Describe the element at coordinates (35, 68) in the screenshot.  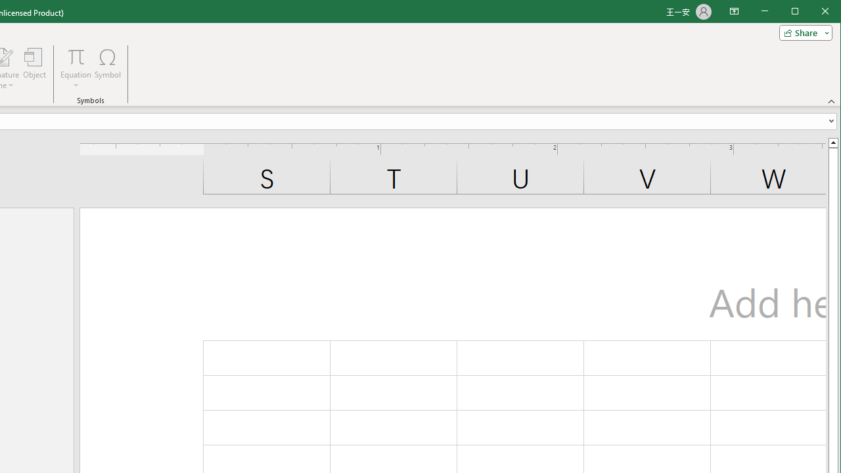
I see `'Object...'` at that location.